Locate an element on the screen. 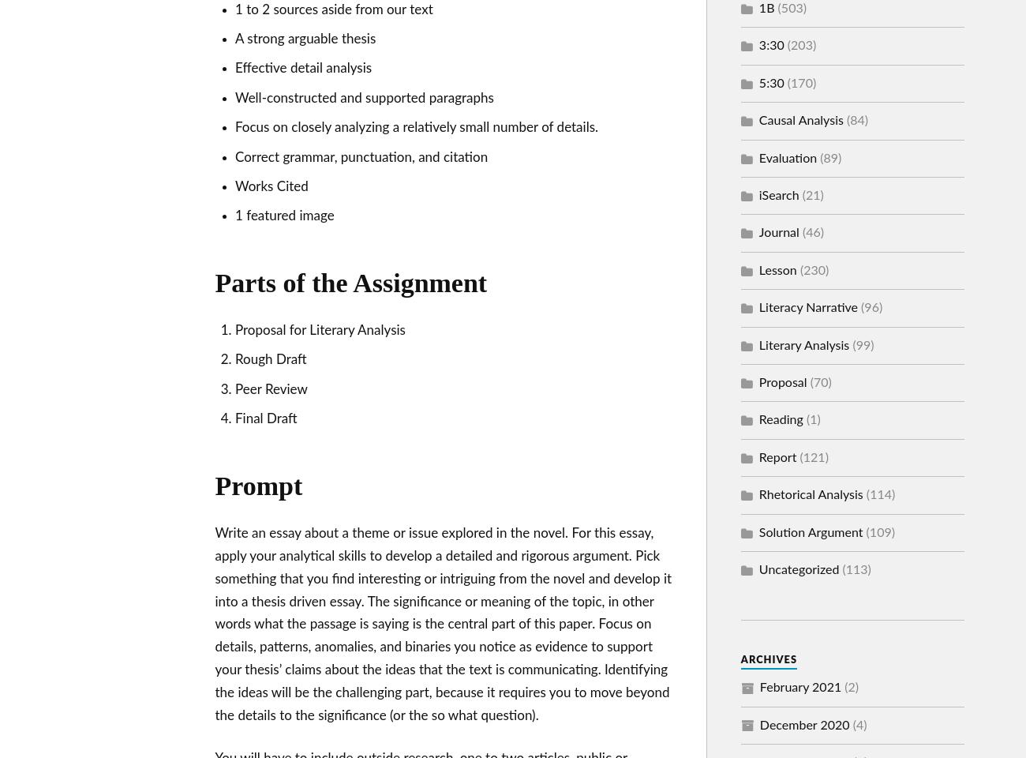  'Correct grammar, punctuation, and citation' is located at coordinates (360, 156).